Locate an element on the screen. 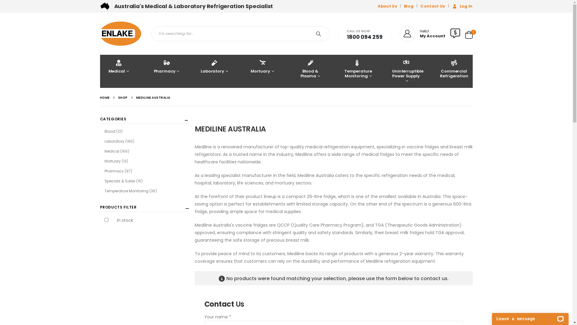 The image size is (577, 325). 'Temperature Monitoring' is located at coordinates (339, 71).